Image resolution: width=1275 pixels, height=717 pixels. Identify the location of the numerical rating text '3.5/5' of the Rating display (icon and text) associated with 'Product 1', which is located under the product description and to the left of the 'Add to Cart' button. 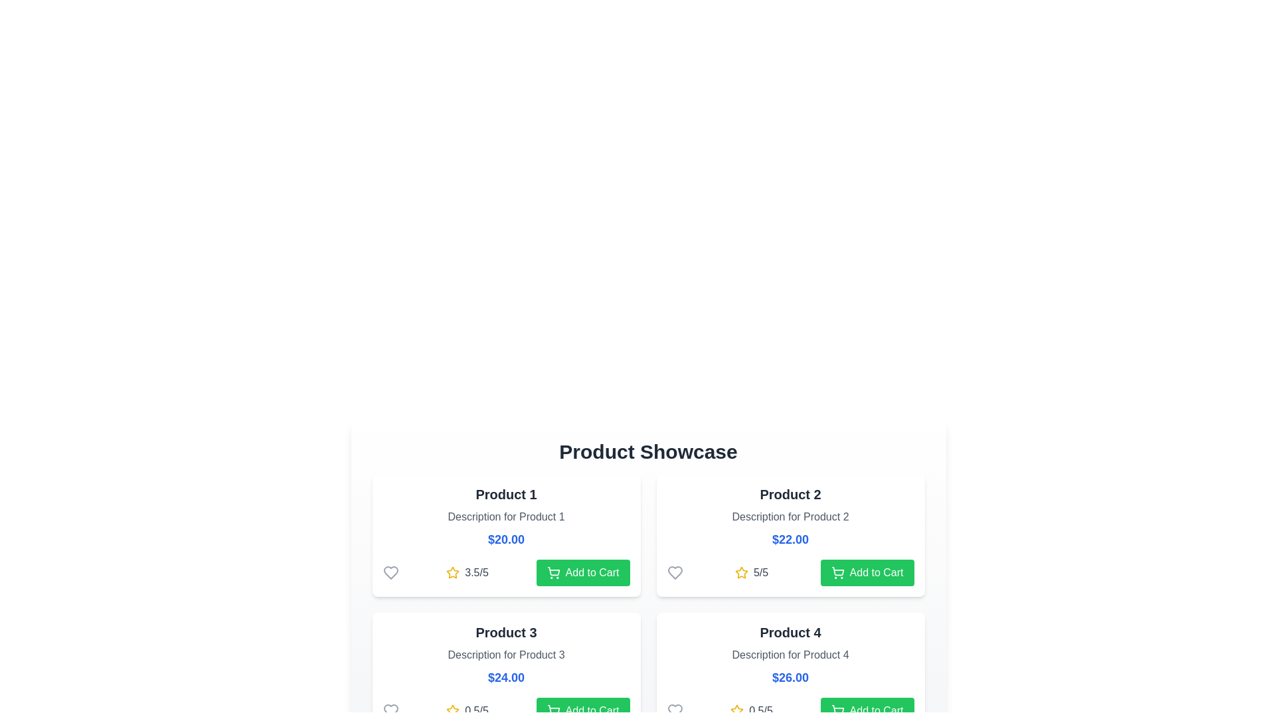
(467, 572).